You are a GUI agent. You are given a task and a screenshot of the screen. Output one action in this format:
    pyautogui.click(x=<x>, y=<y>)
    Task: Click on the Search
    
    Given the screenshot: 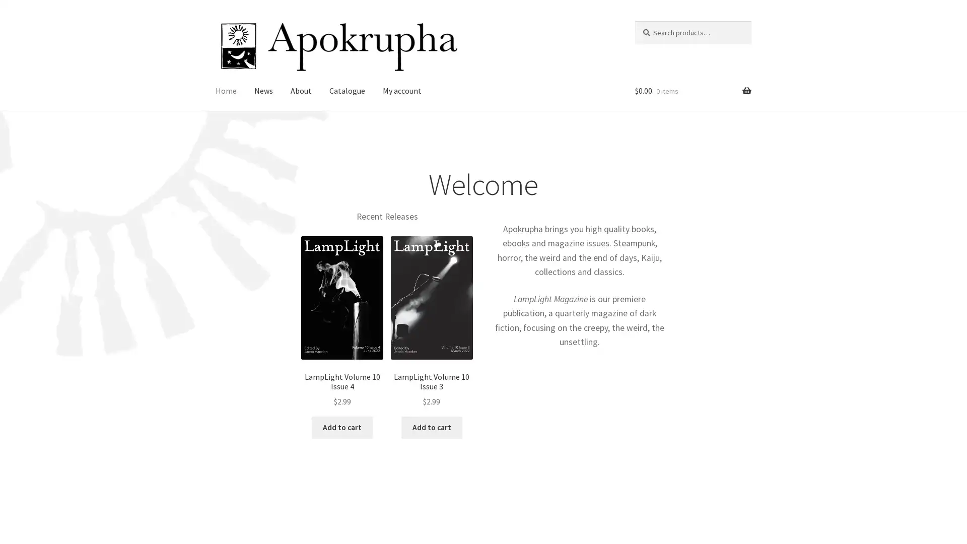 What is the action you would take?
    pyautogui.click(x=634, y=20)
    